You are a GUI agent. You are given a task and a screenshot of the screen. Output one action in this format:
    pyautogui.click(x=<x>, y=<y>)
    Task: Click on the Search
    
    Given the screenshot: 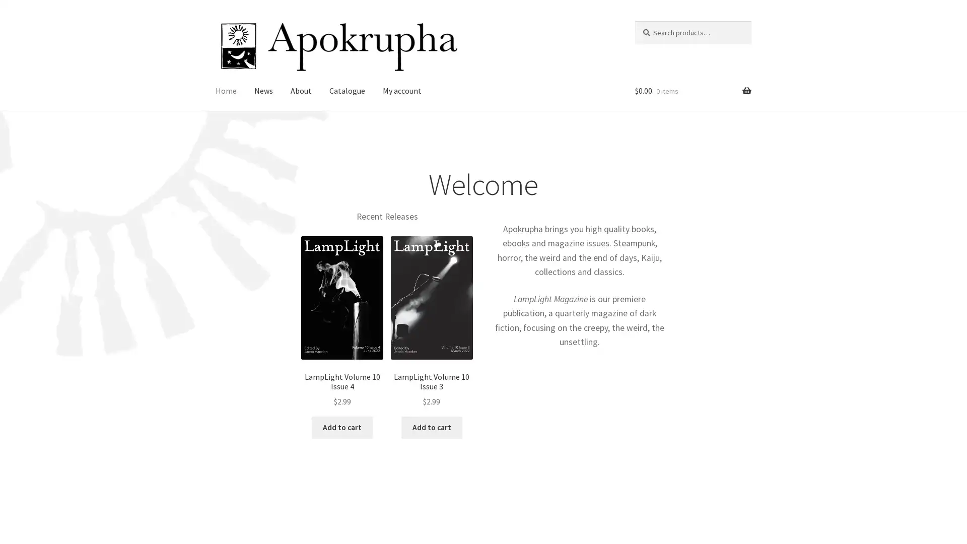 What is the action you would take?
    pyautogui.click(x=634, y=20)
    